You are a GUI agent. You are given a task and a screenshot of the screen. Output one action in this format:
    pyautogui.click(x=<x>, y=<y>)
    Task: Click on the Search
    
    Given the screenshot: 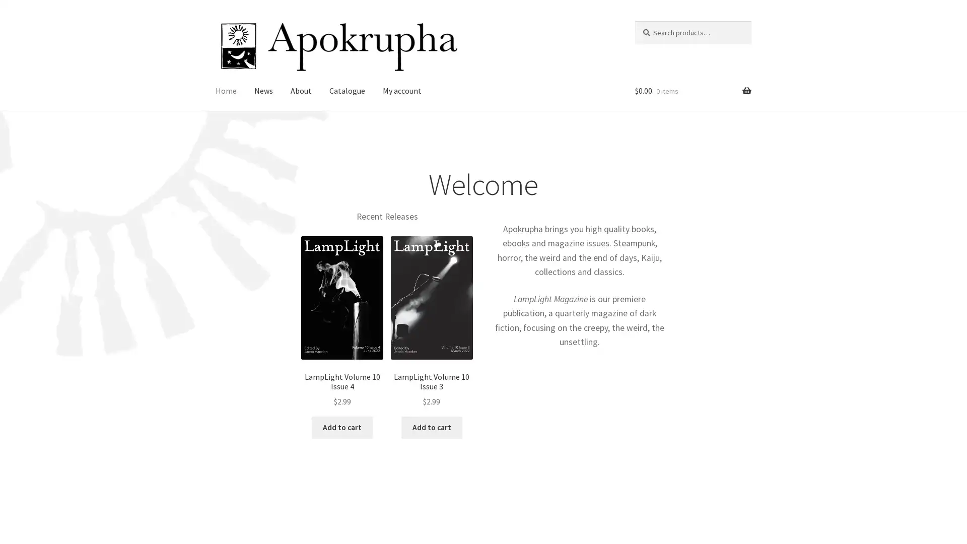 What is the action you would take?
    pyautogui.click(x=634, y=20)
    